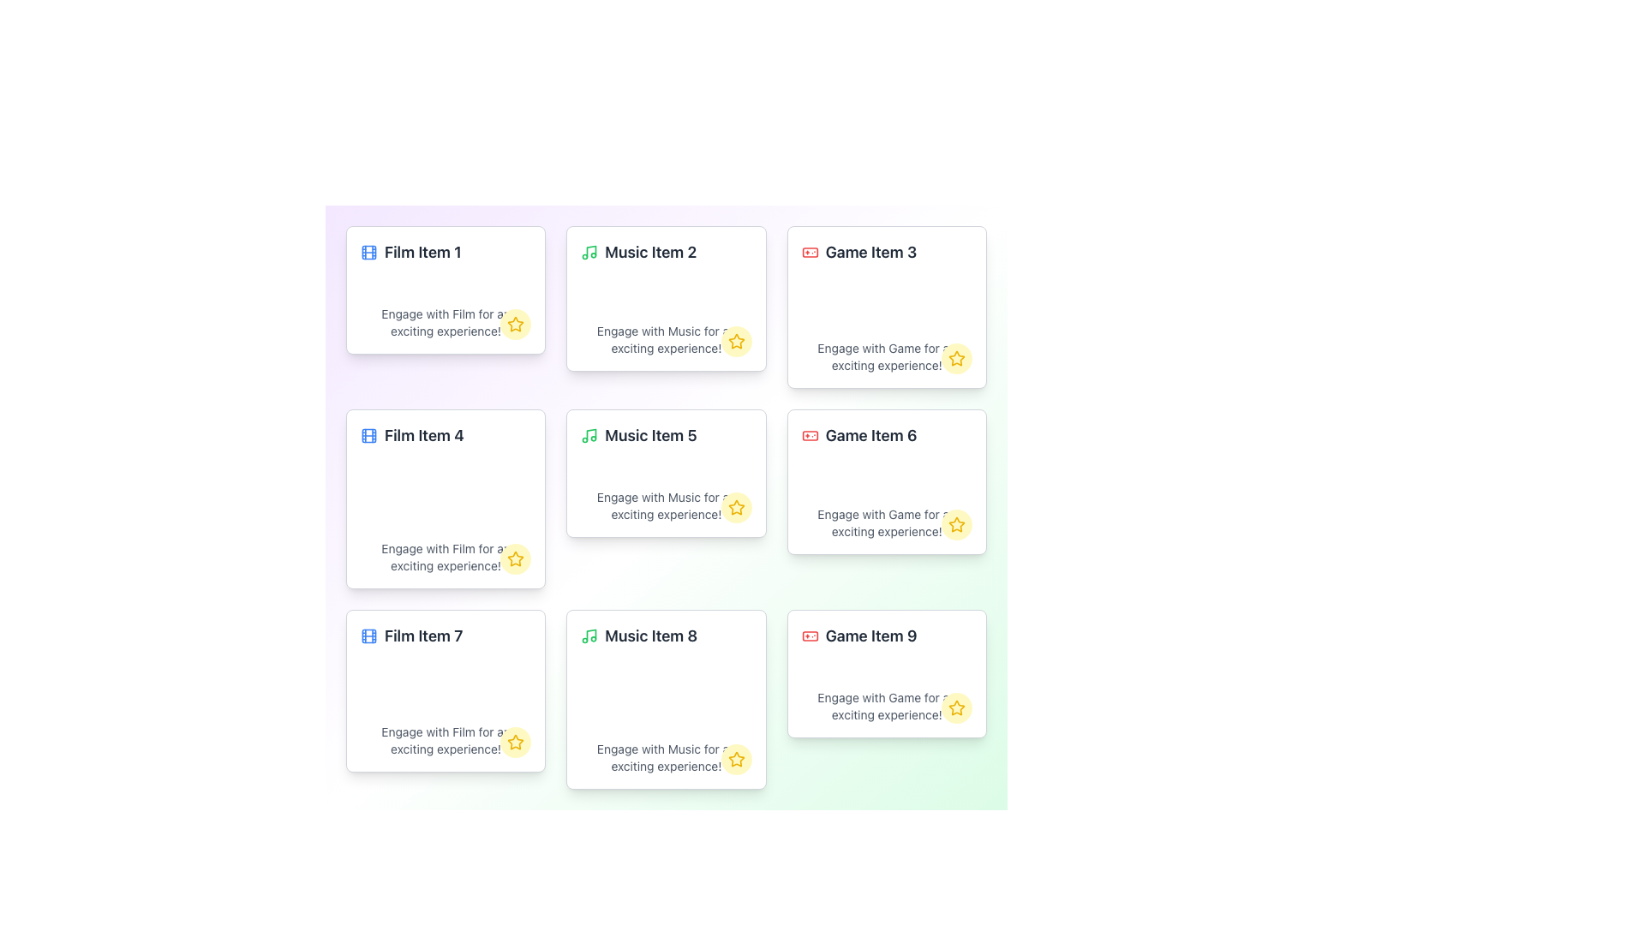 This screenshot has height=925, width=1645. What do you see at coordinates (368, 636) in the screenshot?
I see `the blue rectangular Icon Component with rounded corners that represents a film symbol, located to the left of the text 'Film Item 7'` at bounding box center [368, 636].